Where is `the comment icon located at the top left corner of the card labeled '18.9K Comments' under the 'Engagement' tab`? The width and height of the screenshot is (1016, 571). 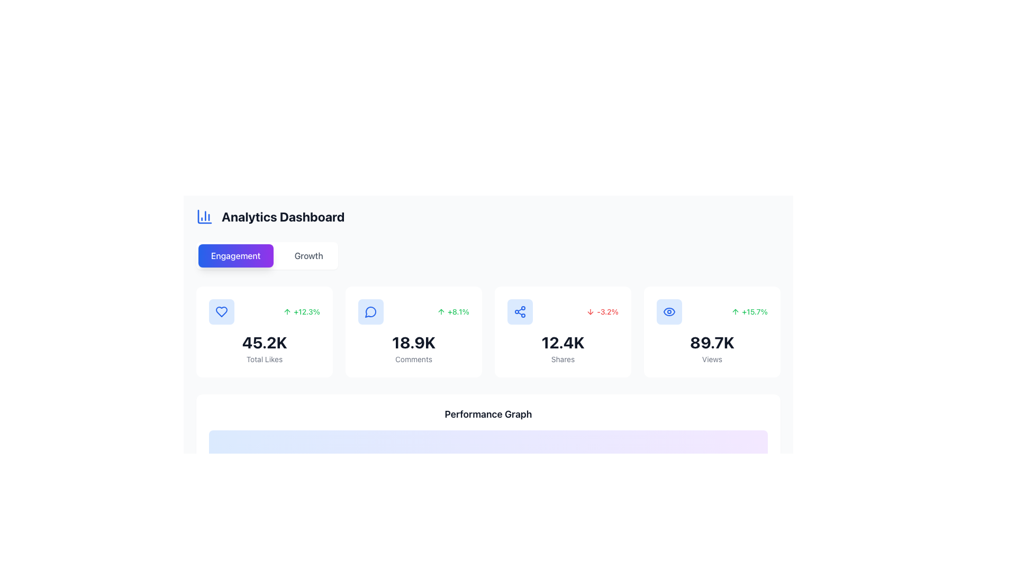 the comment icon located at the top left corner of the card labeled '18.9K Comments' under the 'Engagement' tab is located at coordinates (370, 311).